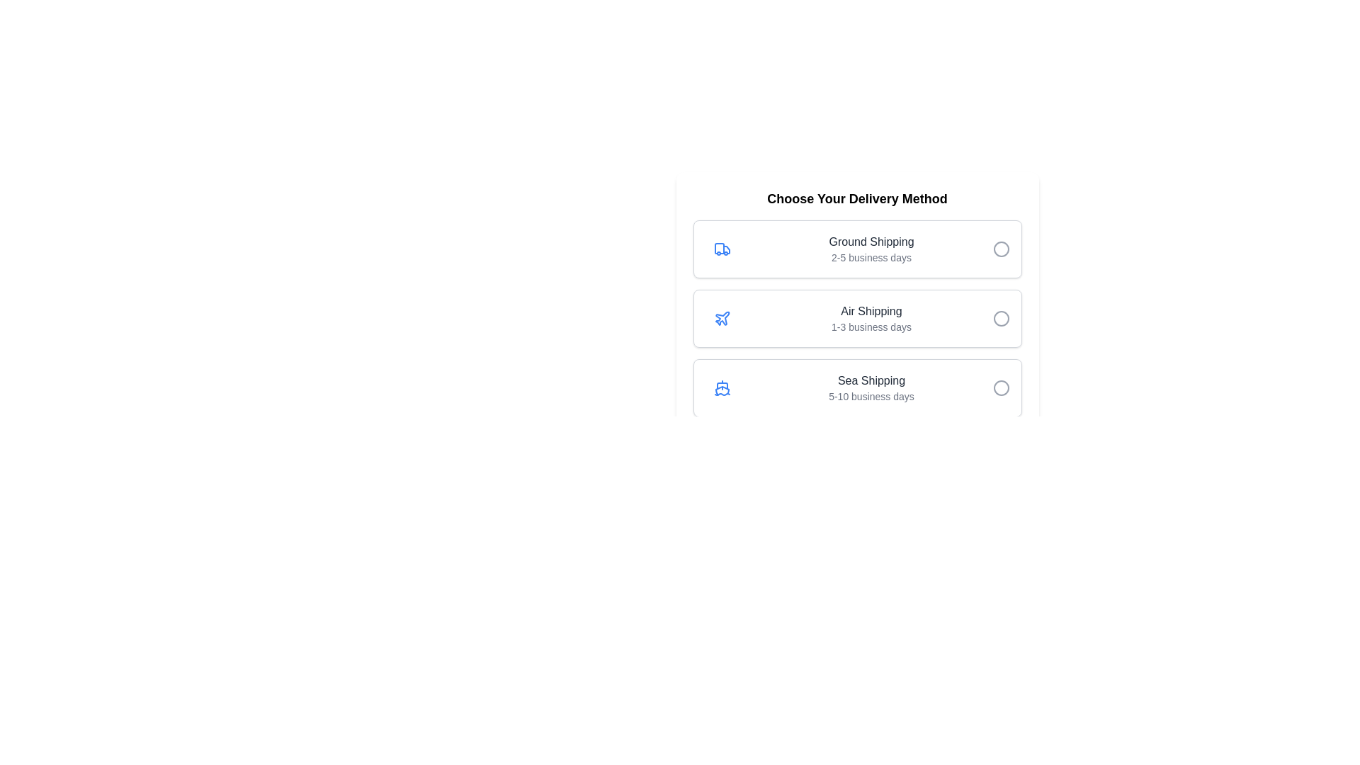  Describe the element at coordinates (722, 317) in the screenshot. I see `the airplane icon element` at that location.